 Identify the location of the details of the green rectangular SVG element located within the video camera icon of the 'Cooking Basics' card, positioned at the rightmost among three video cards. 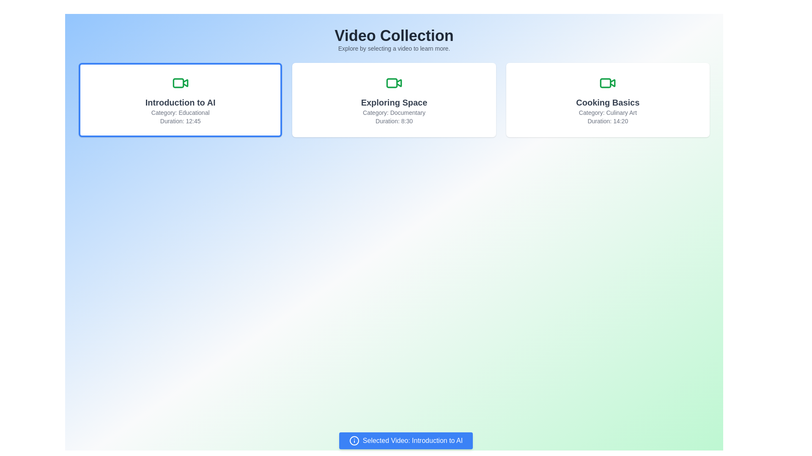
(605, 83).